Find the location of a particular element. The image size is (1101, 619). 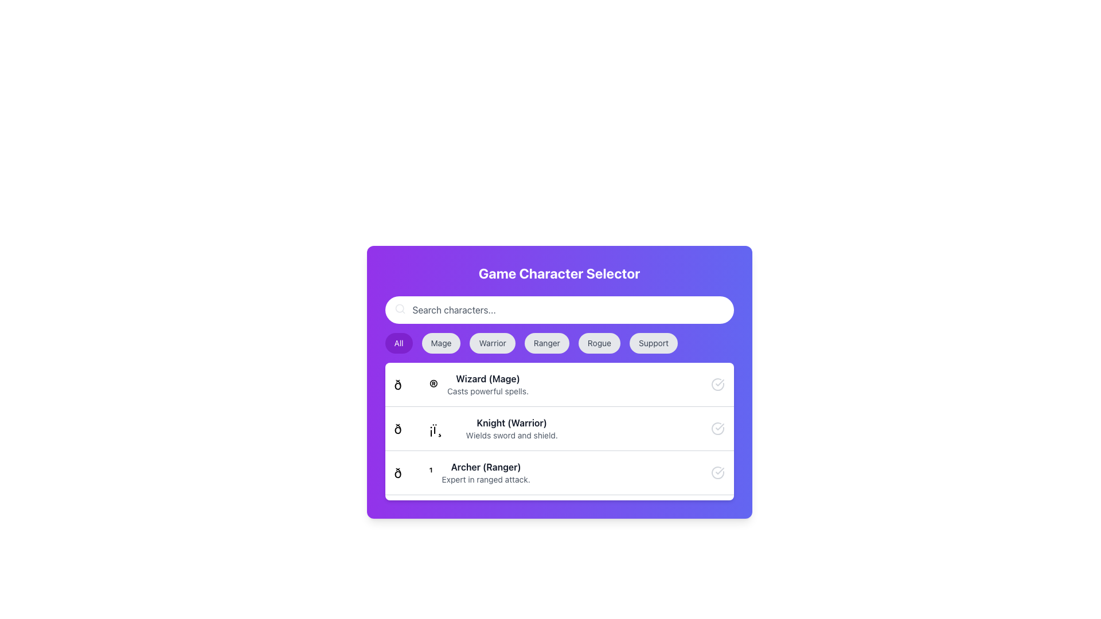

the sixth button in the category selectors row that filters 'Support'-related content is located at coordinates (654, 342).